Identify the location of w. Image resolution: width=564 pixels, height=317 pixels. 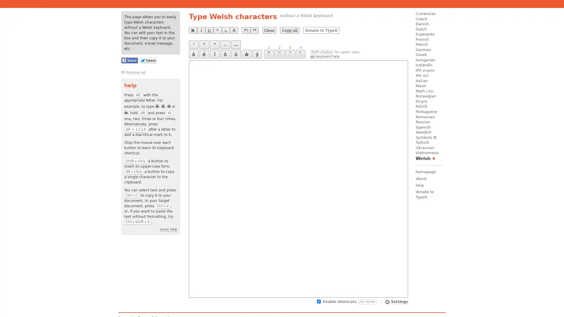
(246, 54).